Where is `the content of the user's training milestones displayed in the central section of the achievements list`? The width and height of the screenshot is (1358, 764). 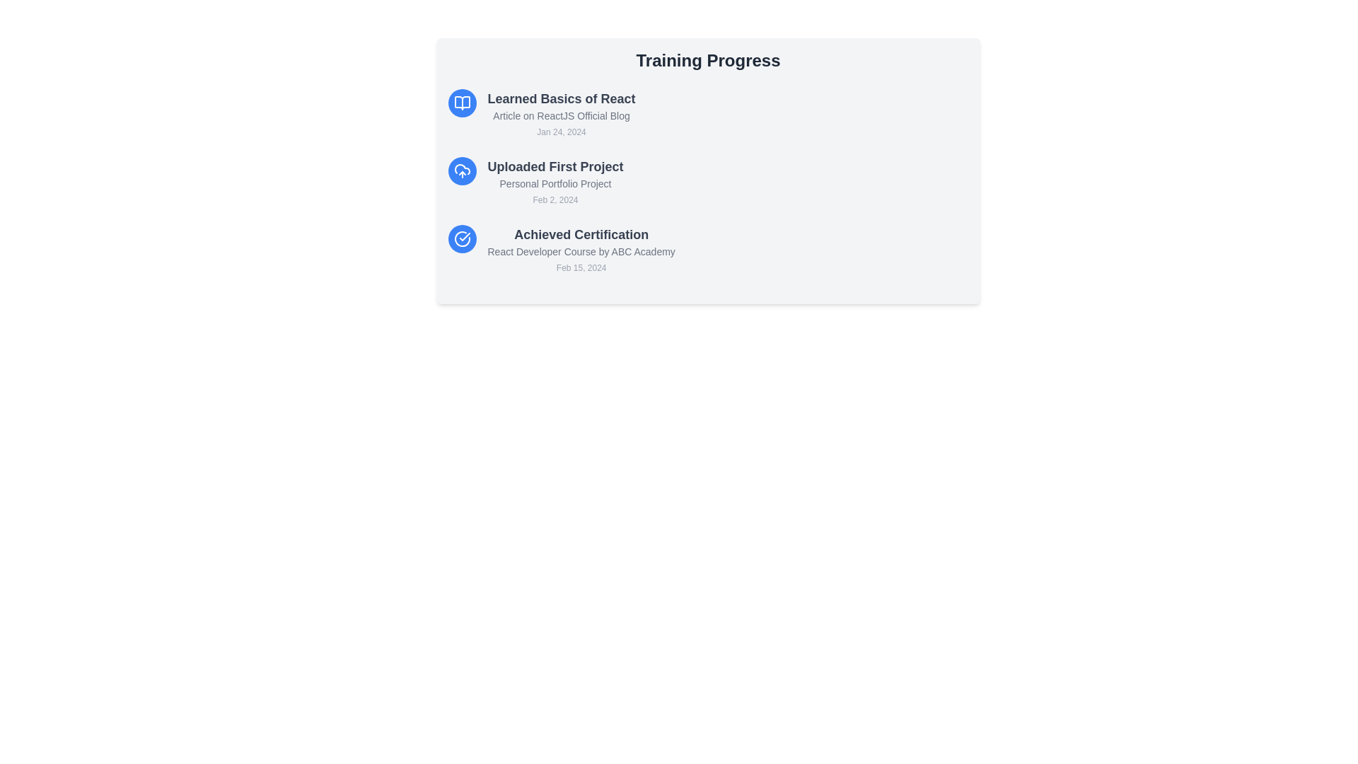
the content of the user's training milestones displayed in the central section of the achievements list is located at coordinates (708, 170).